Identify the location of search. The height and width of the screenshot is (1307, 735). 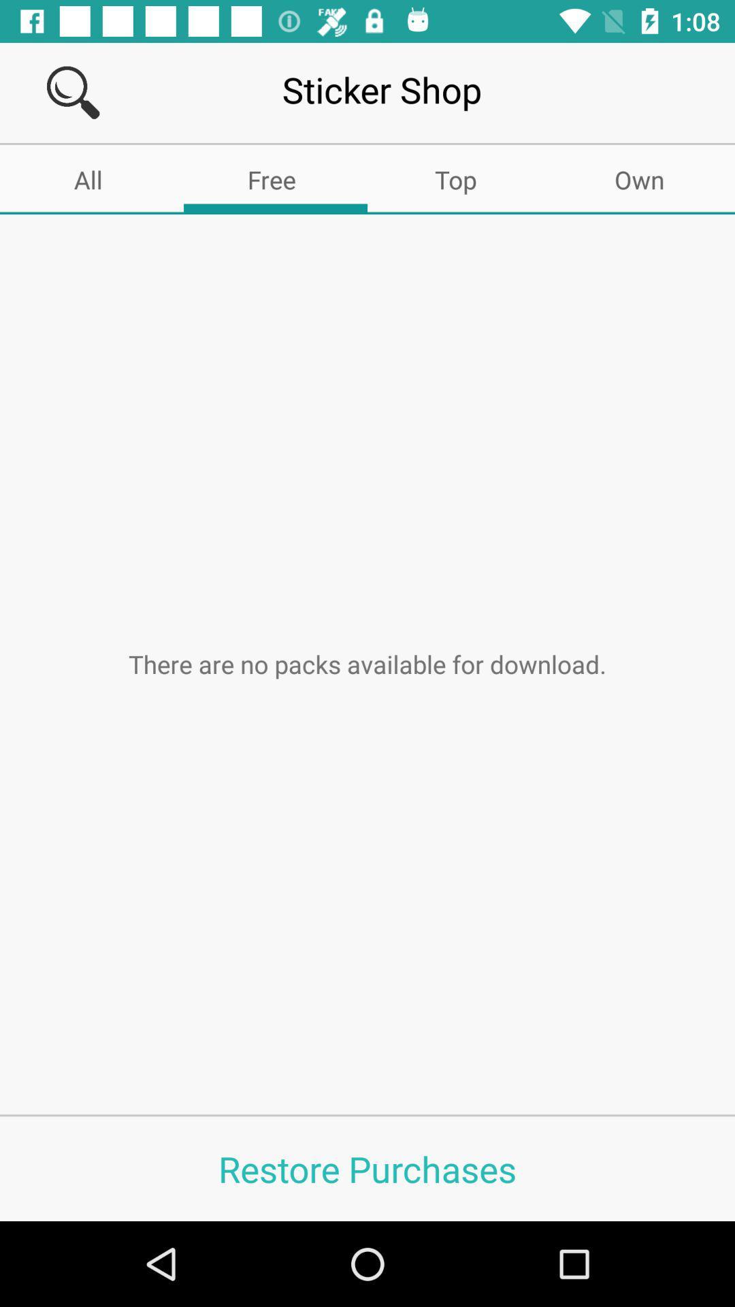
(73, 92).